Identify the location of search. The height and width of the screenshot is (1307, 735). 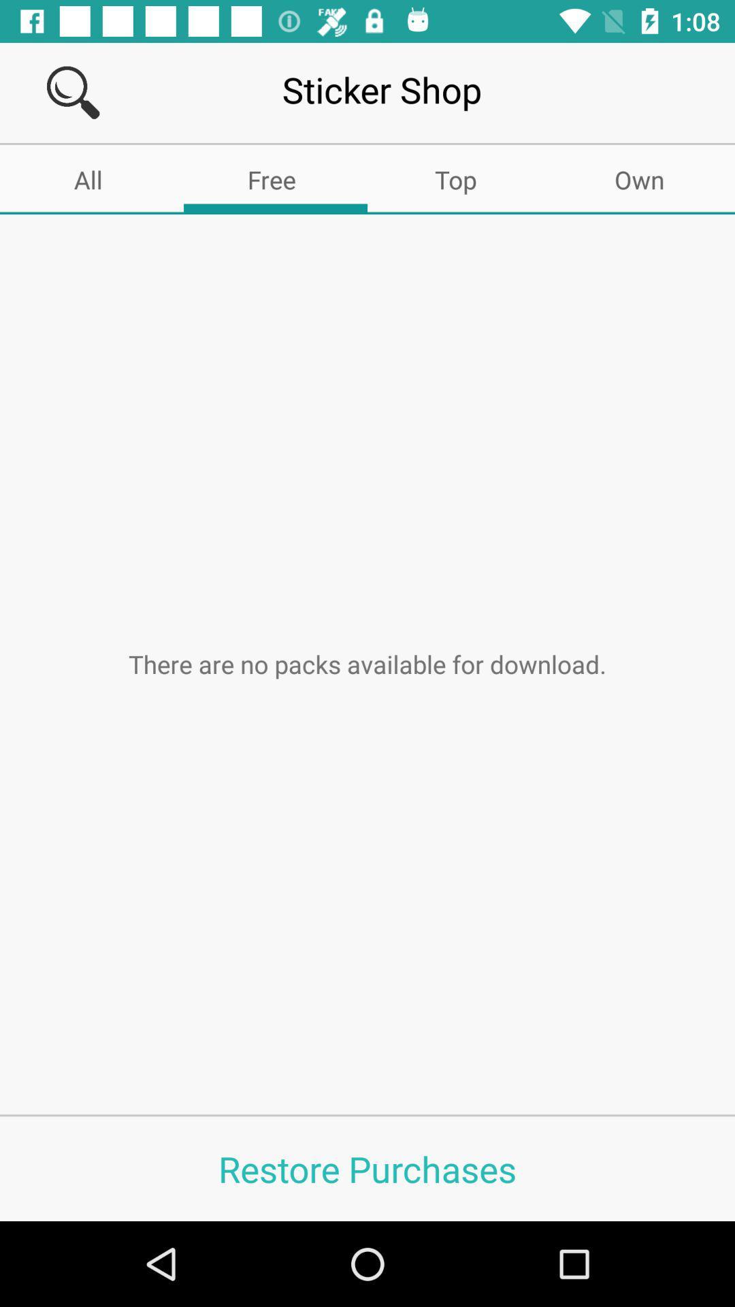
(73, 92).